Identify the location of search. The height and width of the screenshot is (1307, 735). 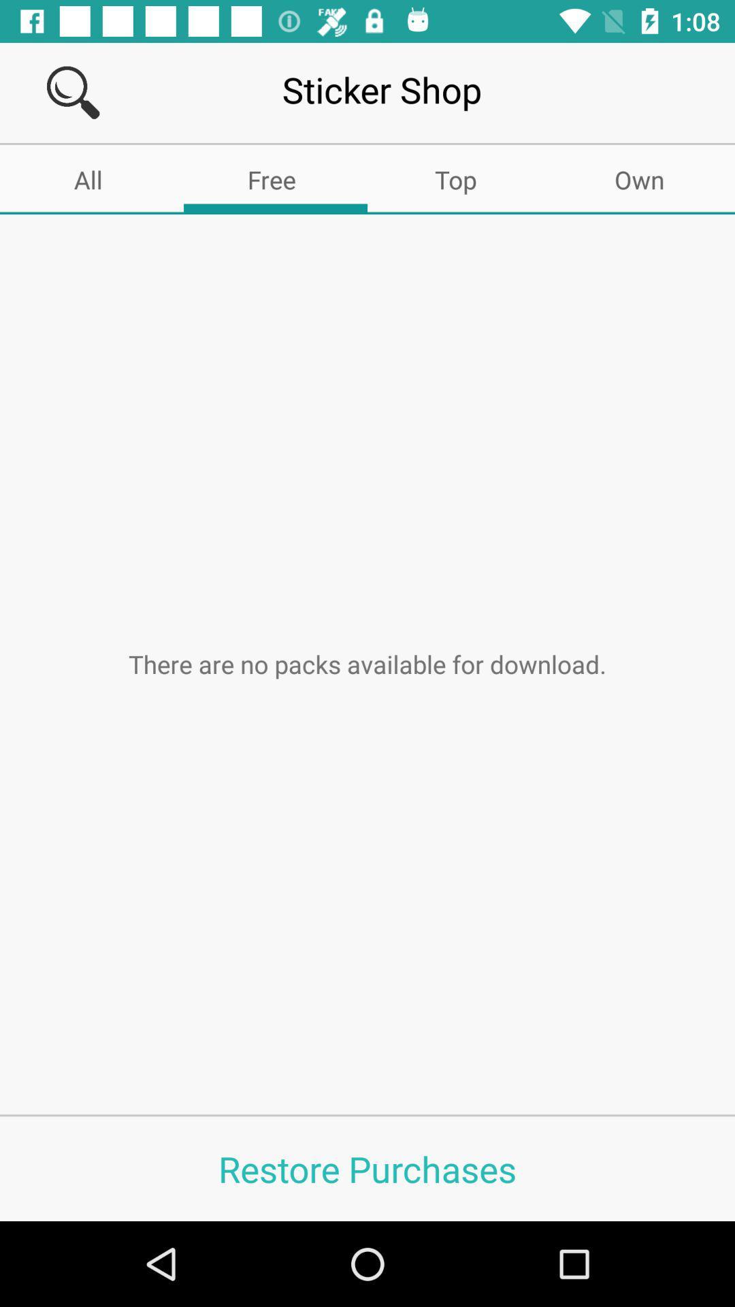
(73, 92).